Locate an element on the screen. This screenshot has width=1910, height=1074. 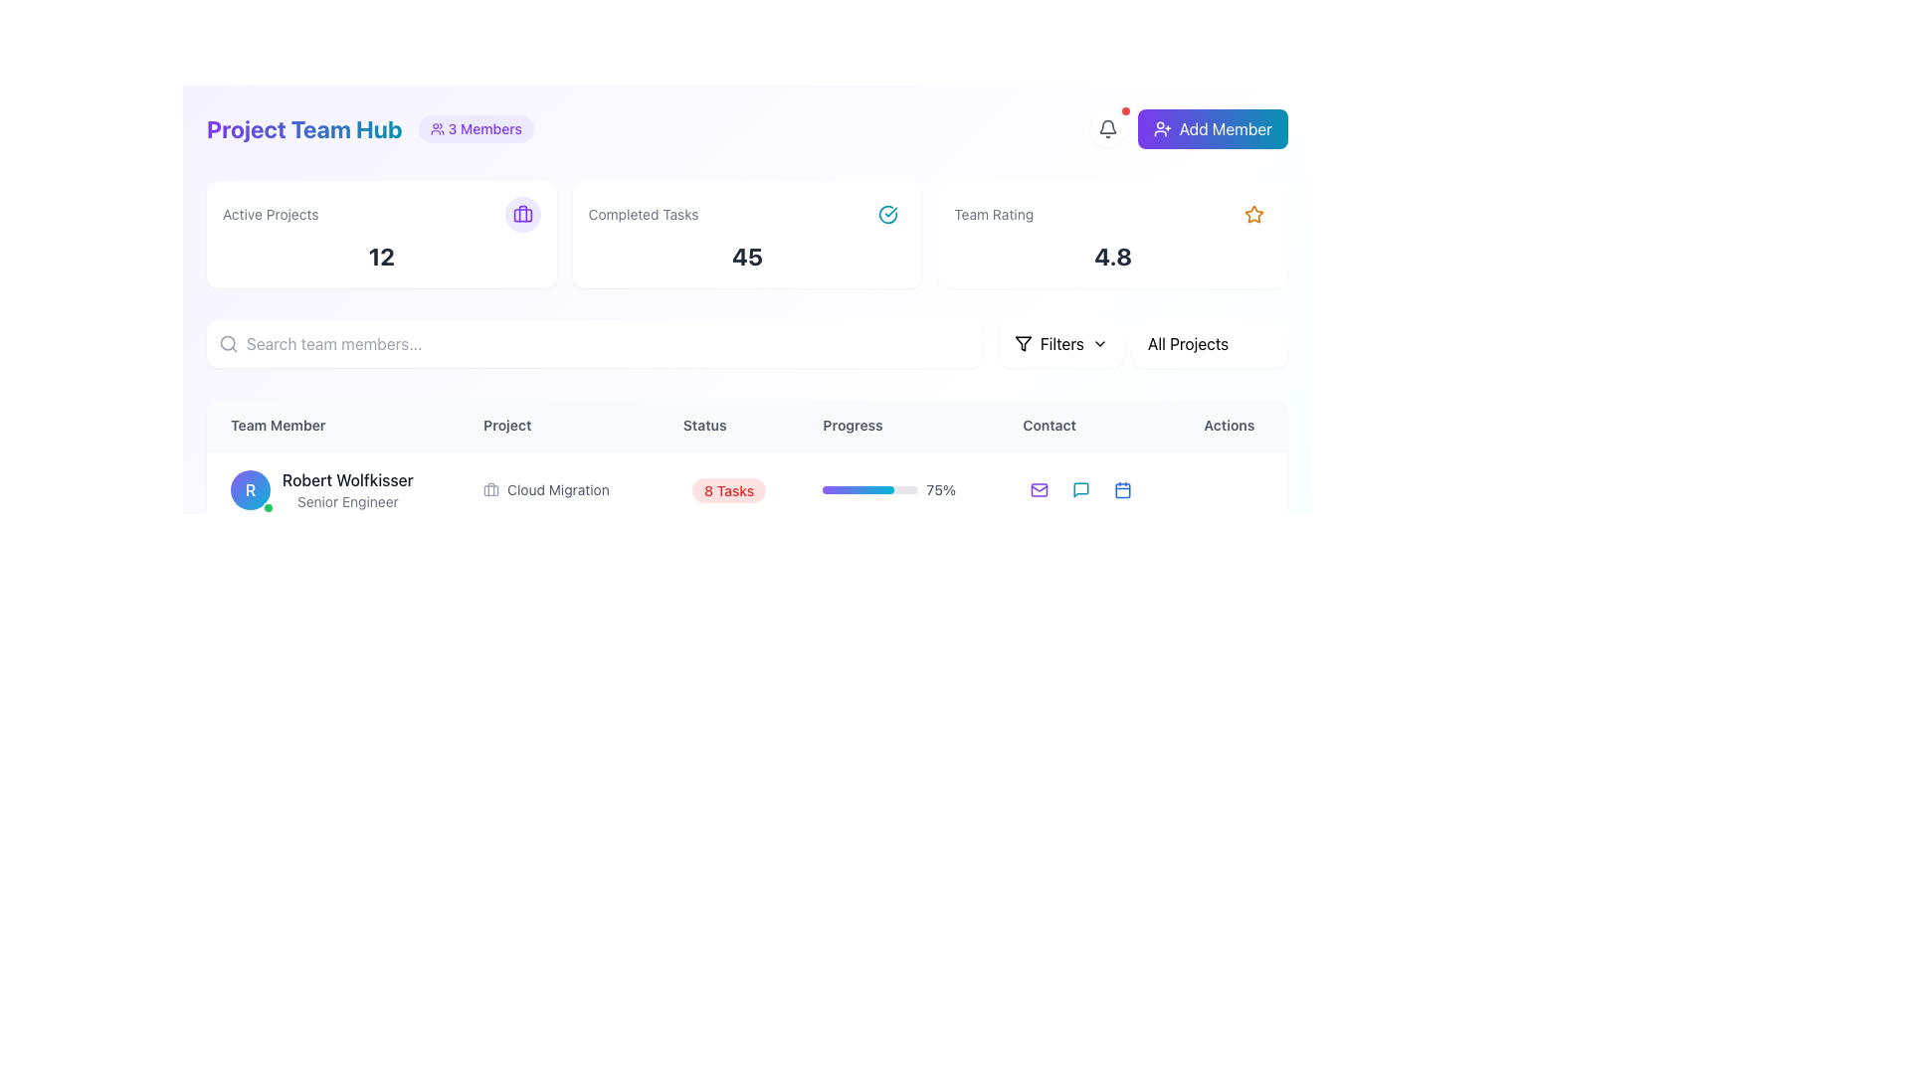
the decorative rating icon located in the top-right quadrant of the interface, which represents the 'Team Rating' metric is located at coordinates (1253, 215).